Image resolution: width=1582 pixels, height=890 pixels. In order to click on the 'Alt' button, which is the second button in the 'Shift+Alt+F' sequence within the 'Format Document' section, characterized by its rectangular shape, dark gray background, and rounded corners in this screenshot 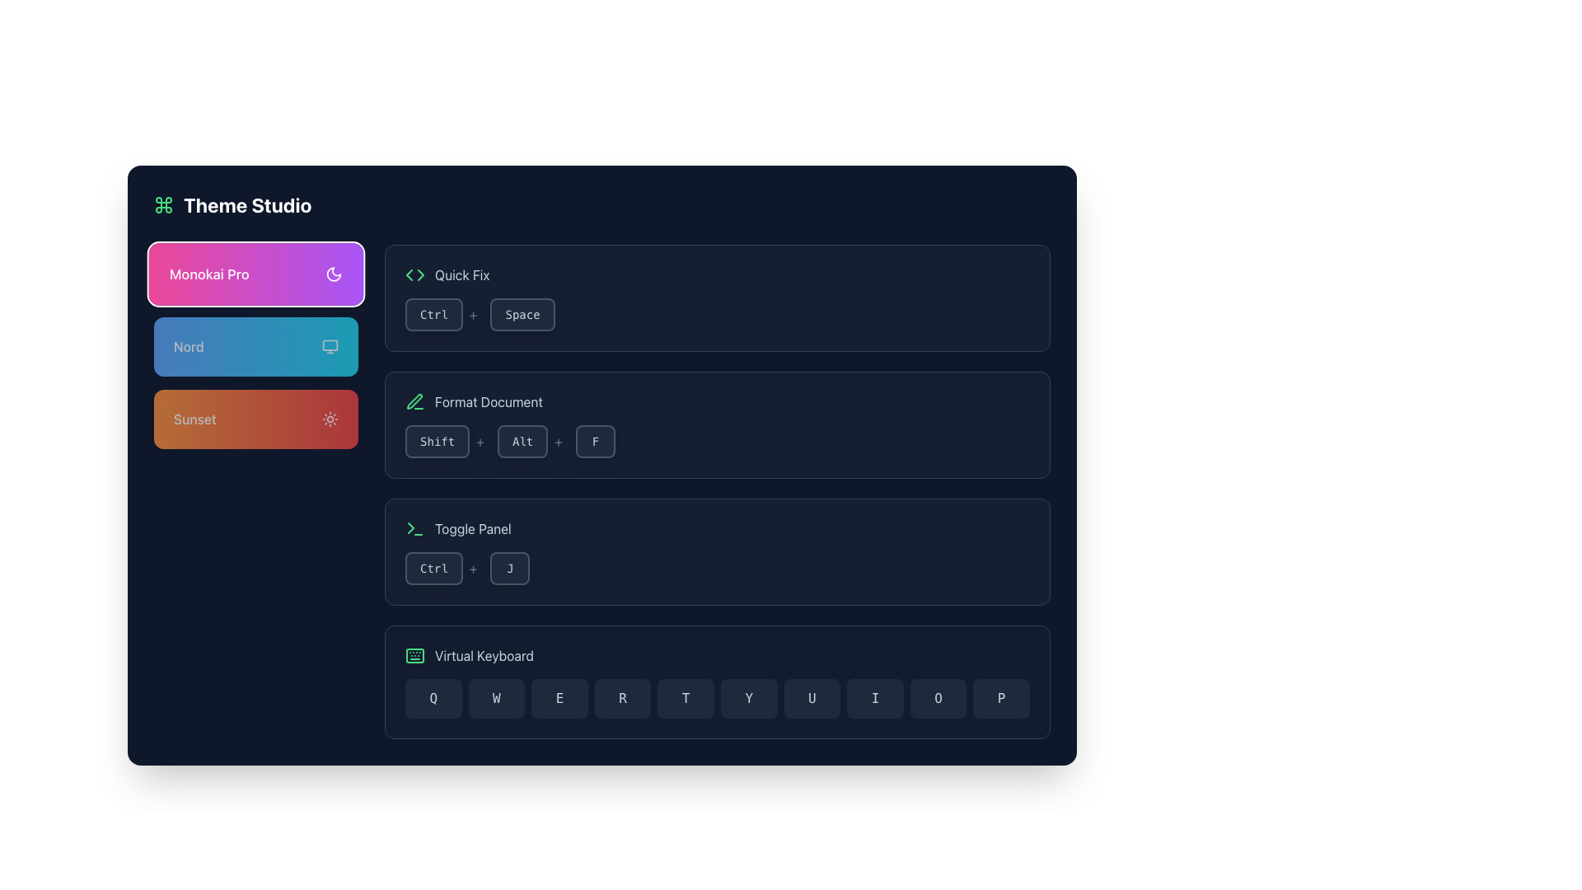, I will do `click(533, 441)`.